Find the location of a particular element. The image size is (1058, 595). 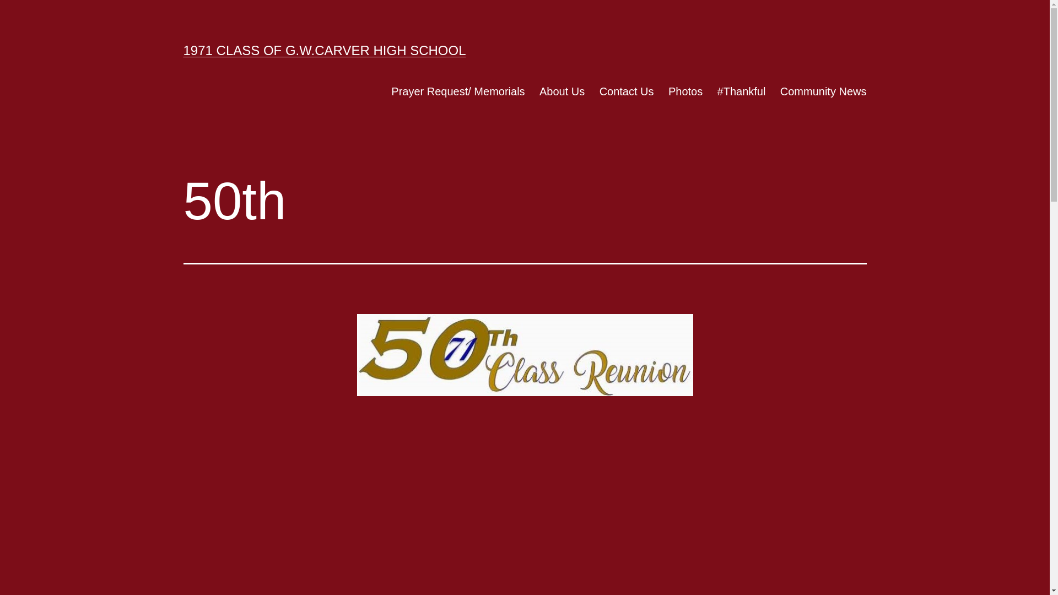

'1971 CLASS OF G.W.CARVER HIGH SCHOOL' is located at coordinates (323, 50).